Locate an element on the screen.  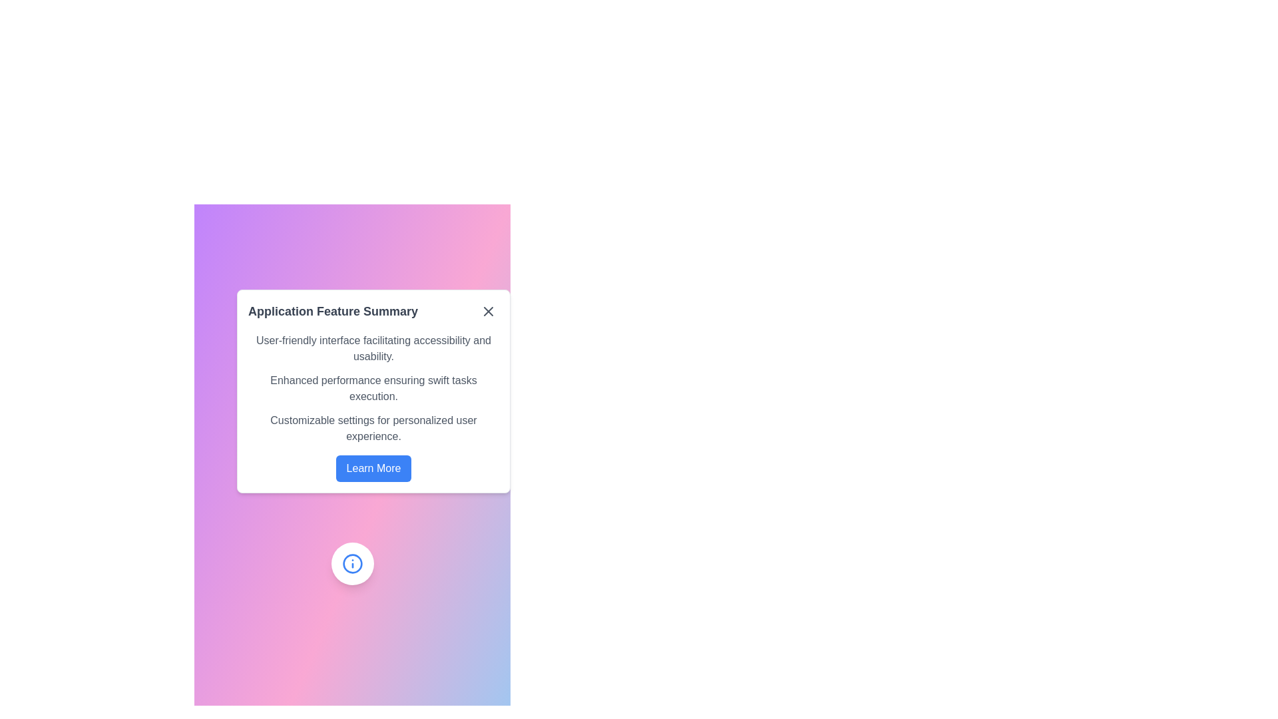
the small 'X' shaped graphical icon located in the top-right corner of the rectangular card is located at coordinates (488, 311).